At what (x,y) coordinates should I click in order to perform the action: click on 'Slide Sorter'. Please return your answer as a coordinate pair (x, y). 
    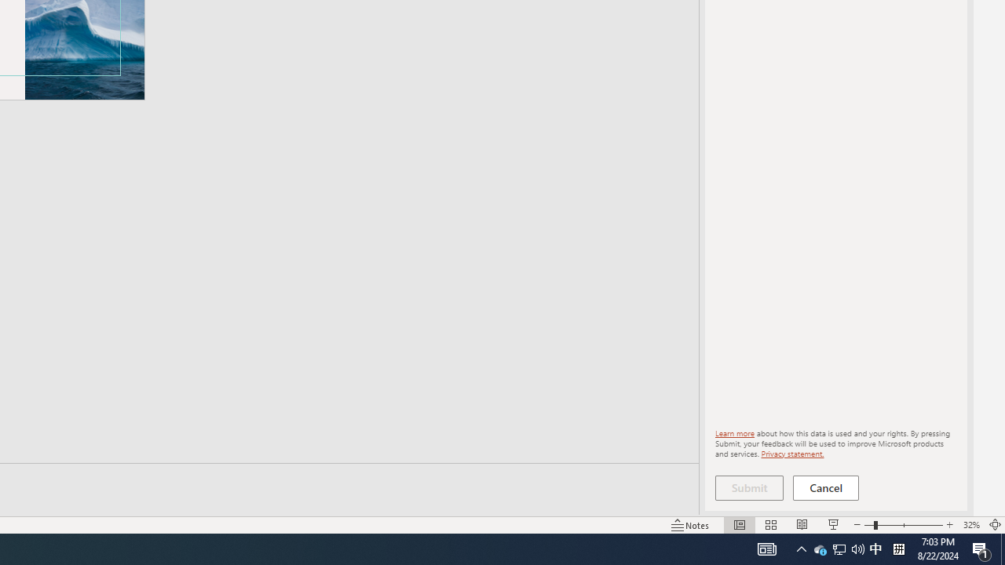
    Looking at the image, I should click on (771, 525).